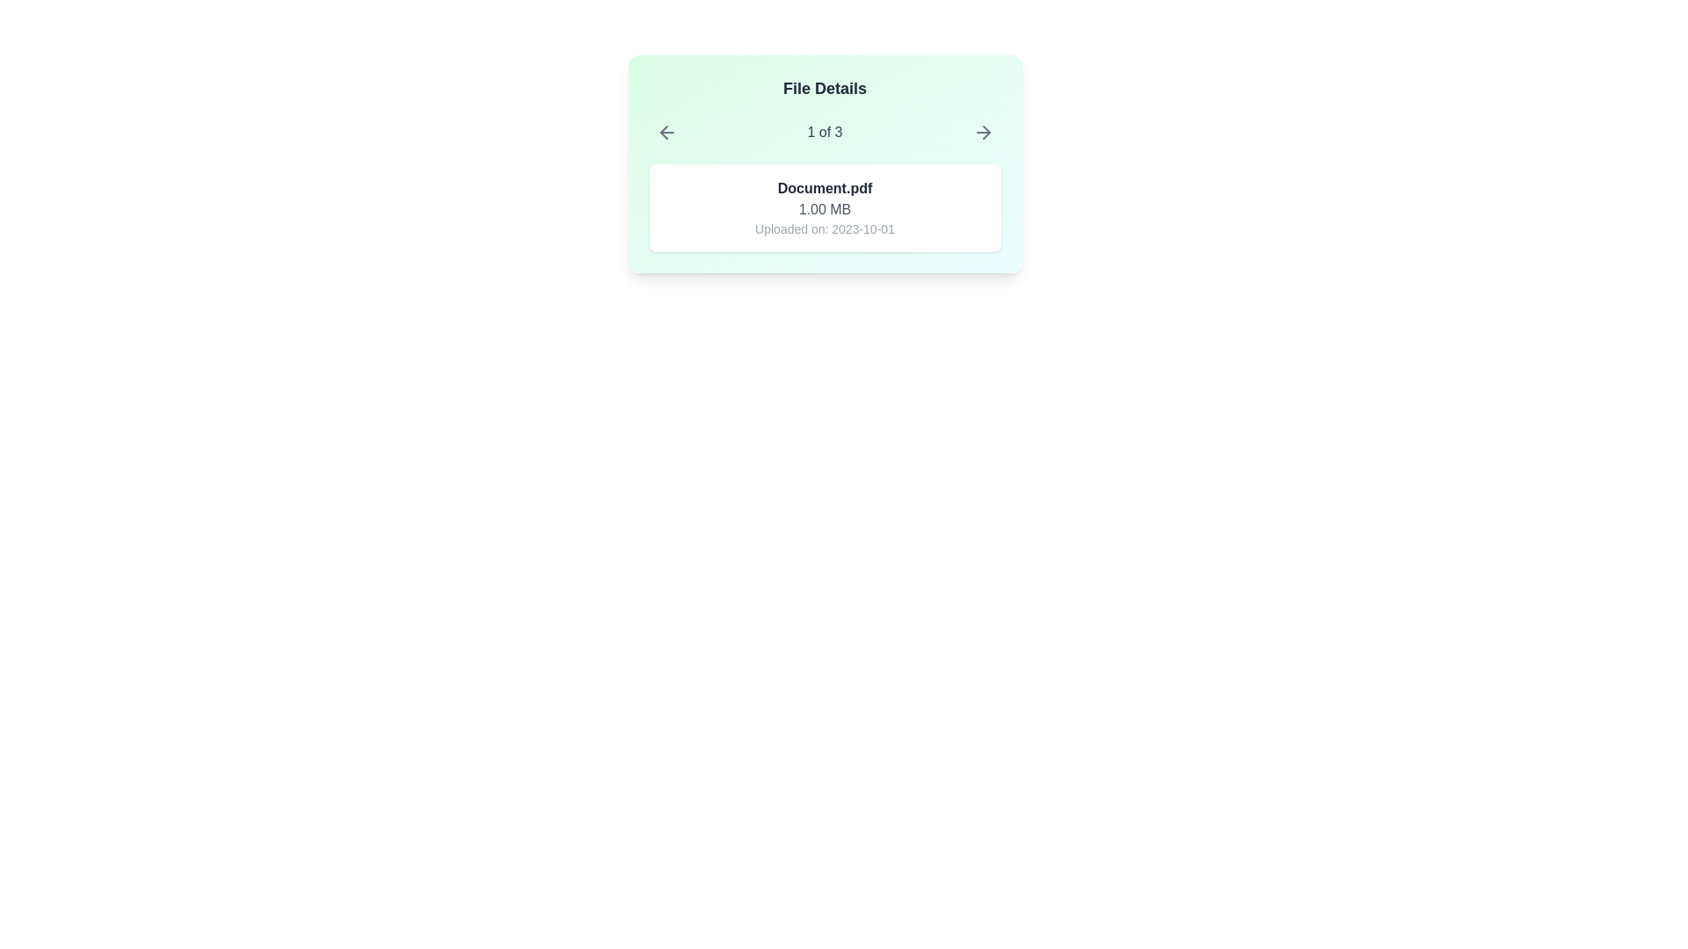 This screenshot has width=1688, height=949. What do you see at coordinates (986, 131) in the screenshot?
I see `the Vector icon that is part of the right-arrow icon located in the top-right corner of the 'File Details' card for keyboard interaction` at bounding box center [986, 131].